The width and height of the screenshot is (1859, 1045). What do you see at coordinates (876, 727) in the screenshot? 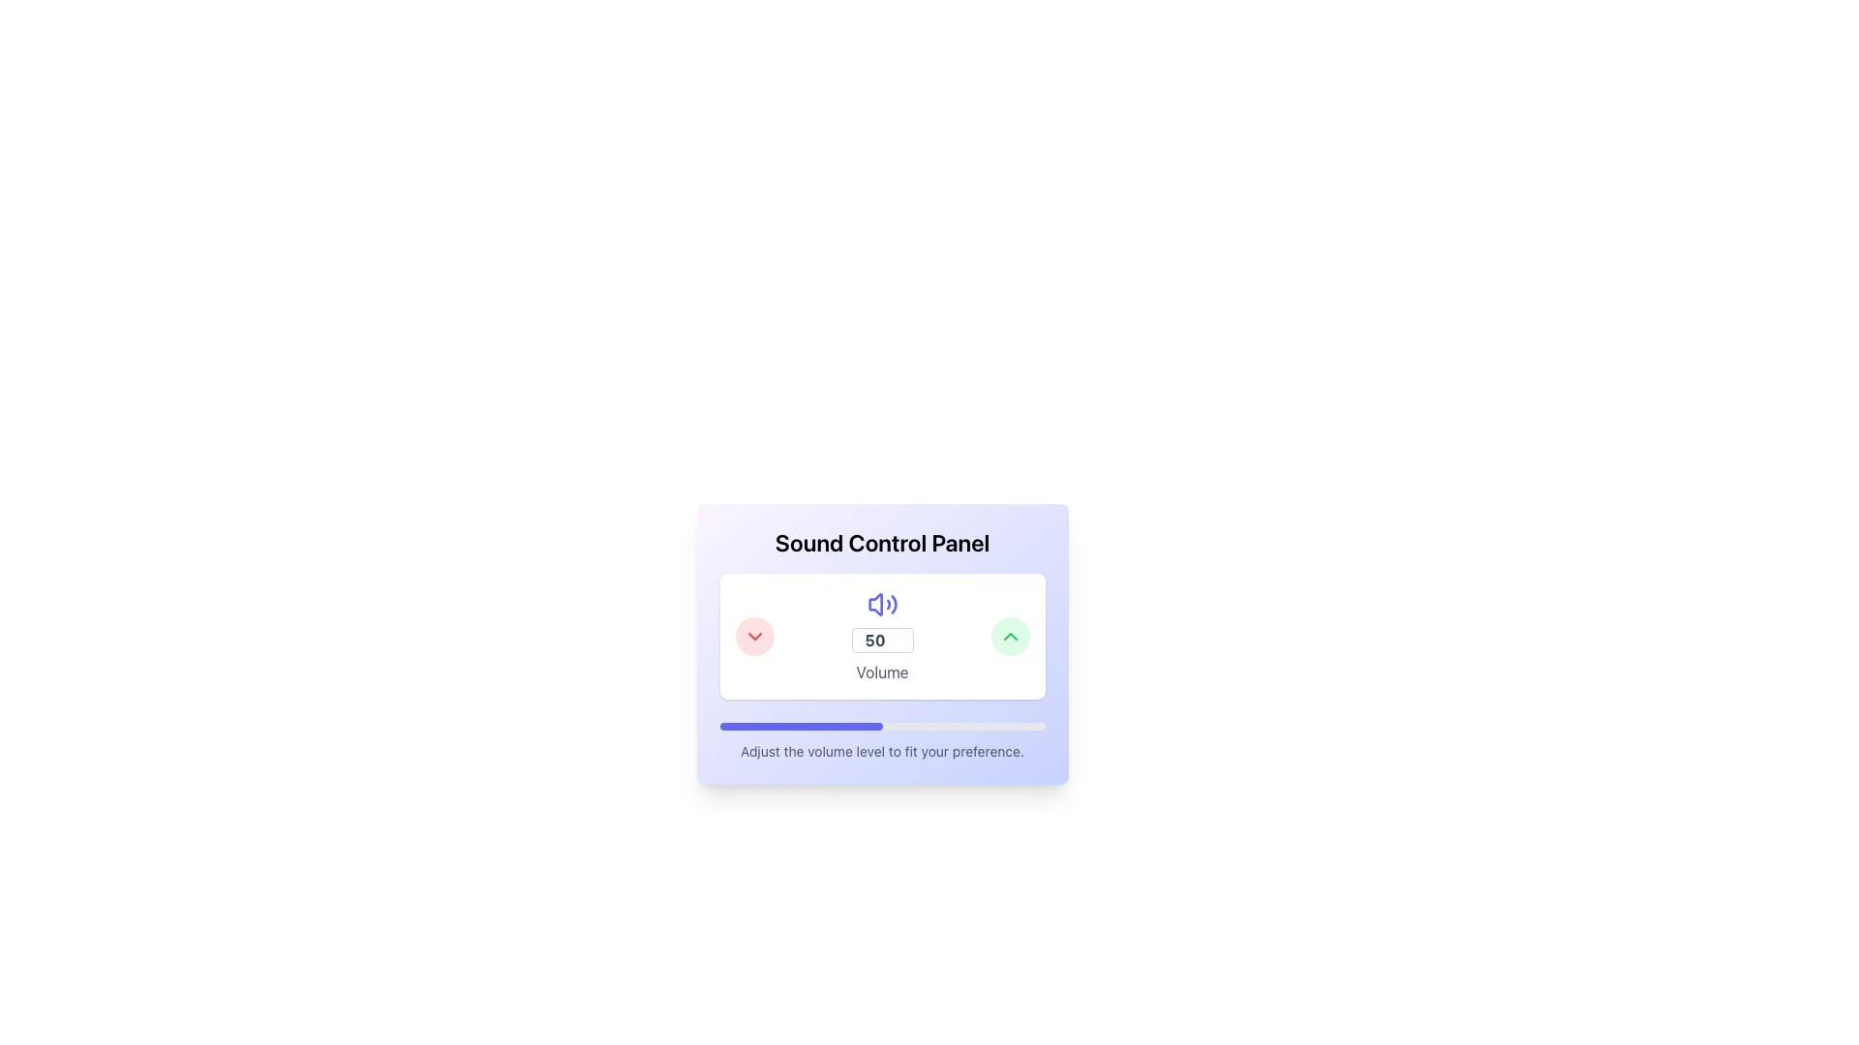
I see `the volume` at bounding box center [876, 727].